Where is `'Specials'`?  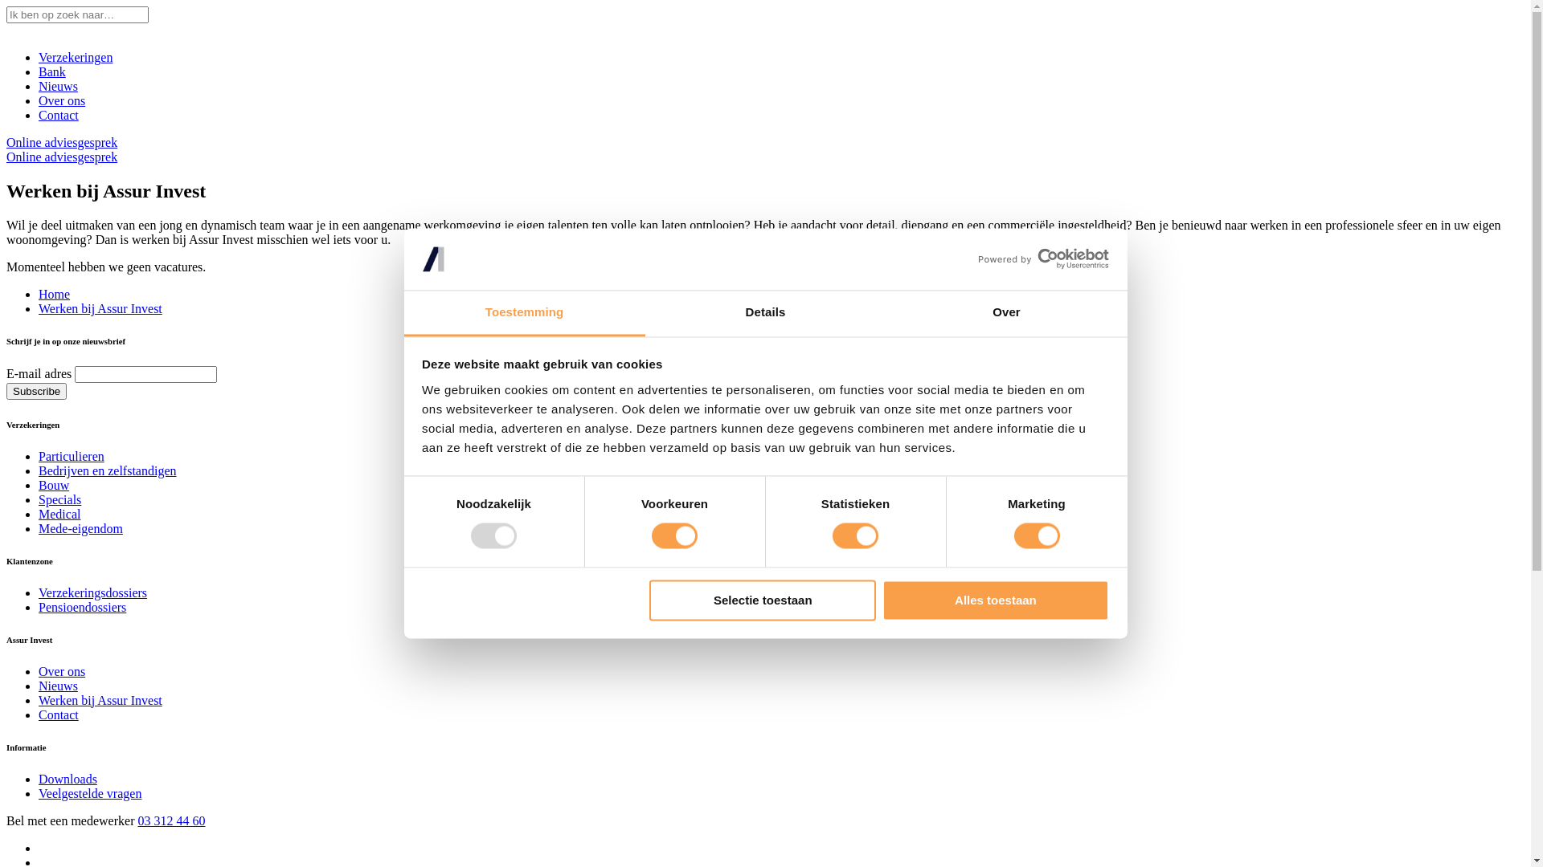 'Specials' is located at coordinates (59, 499).